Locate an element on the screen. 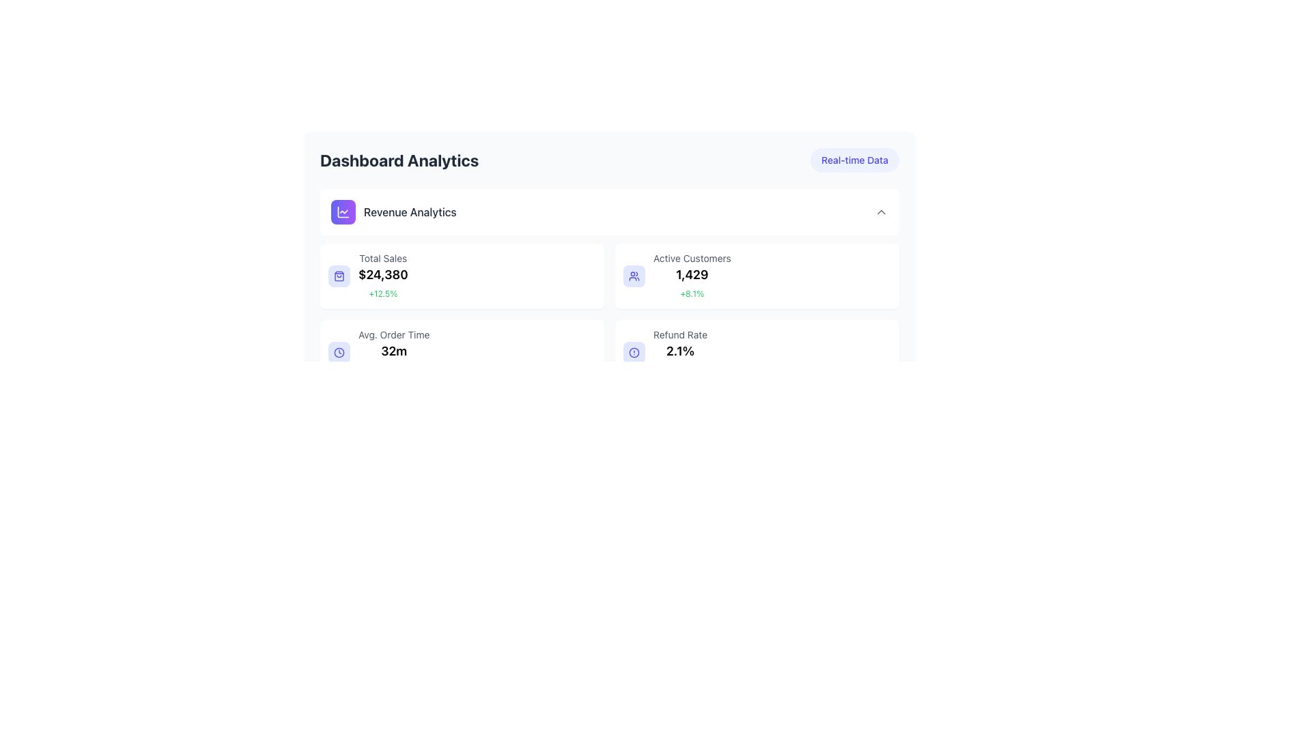  the Text label displaying '1,429' in bold, black text, located beneath 'Active Customers' and above '+8.1%' in the third section of the dashboard is located at coordinates (692, 274).